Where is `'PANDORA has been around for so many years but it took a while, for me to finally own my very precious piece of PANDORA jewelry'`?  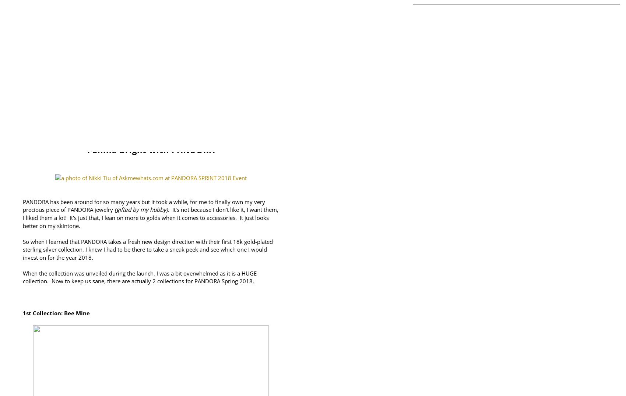 'PANDORA has been around for so many years but it took a while, for me to finally own my very precious piece of PANDORA jewelry' is located at coordinates (23, 206).